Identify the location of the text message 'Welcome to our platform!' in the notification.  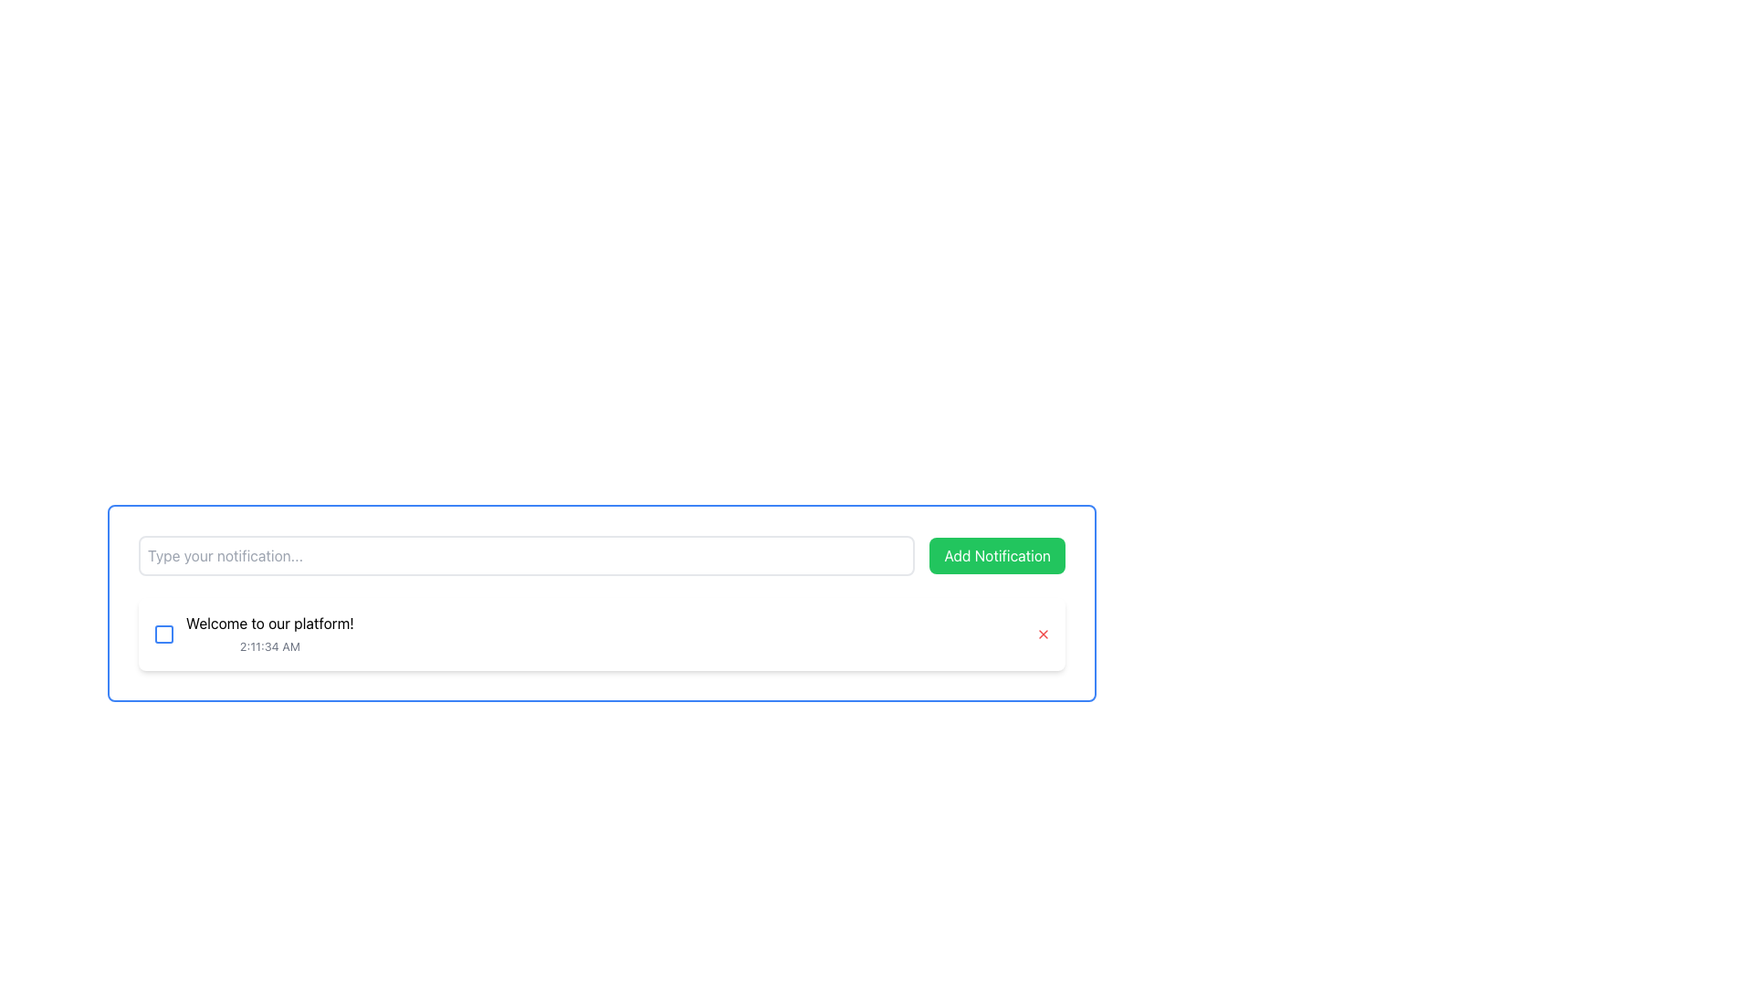
(253, 633).